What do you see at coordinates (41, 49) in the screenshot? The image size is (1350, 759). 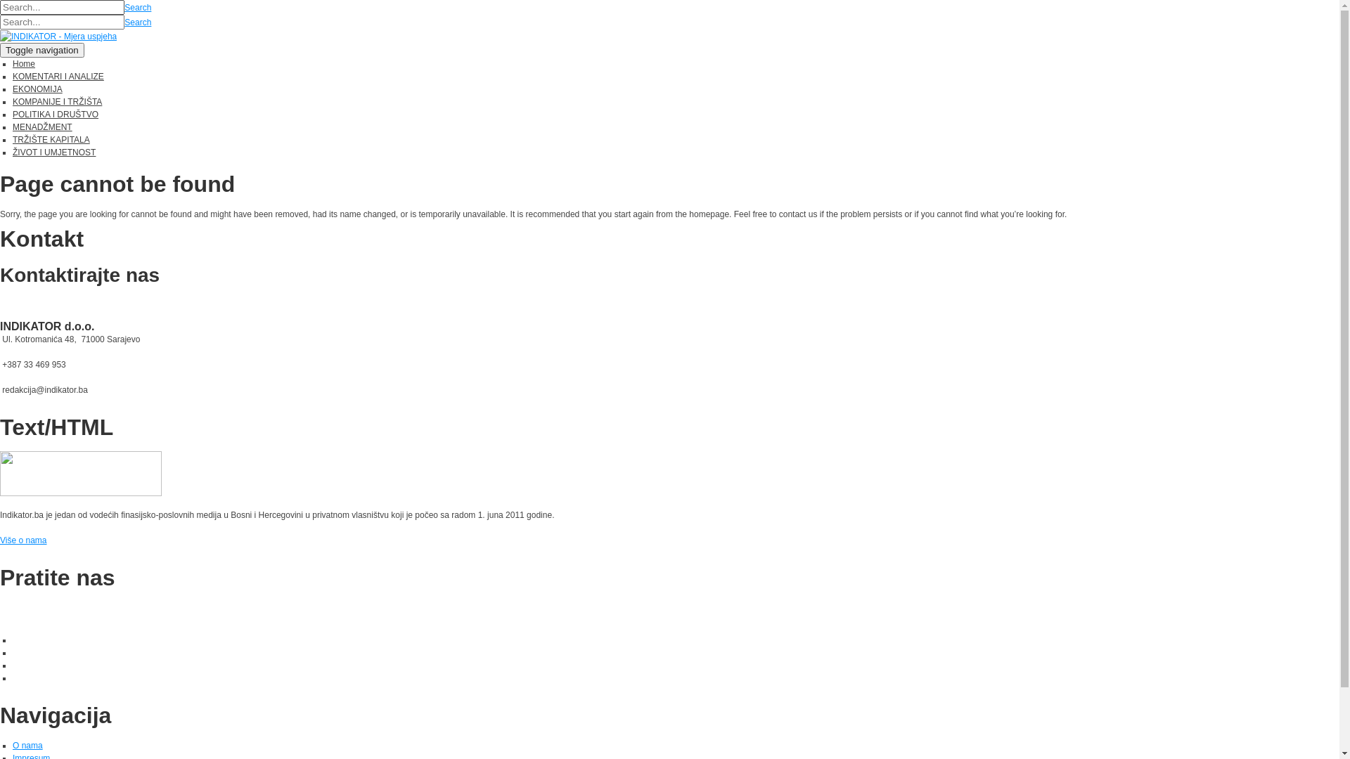 I see `'Toggle navigation'` at bounding box center [41, 49].